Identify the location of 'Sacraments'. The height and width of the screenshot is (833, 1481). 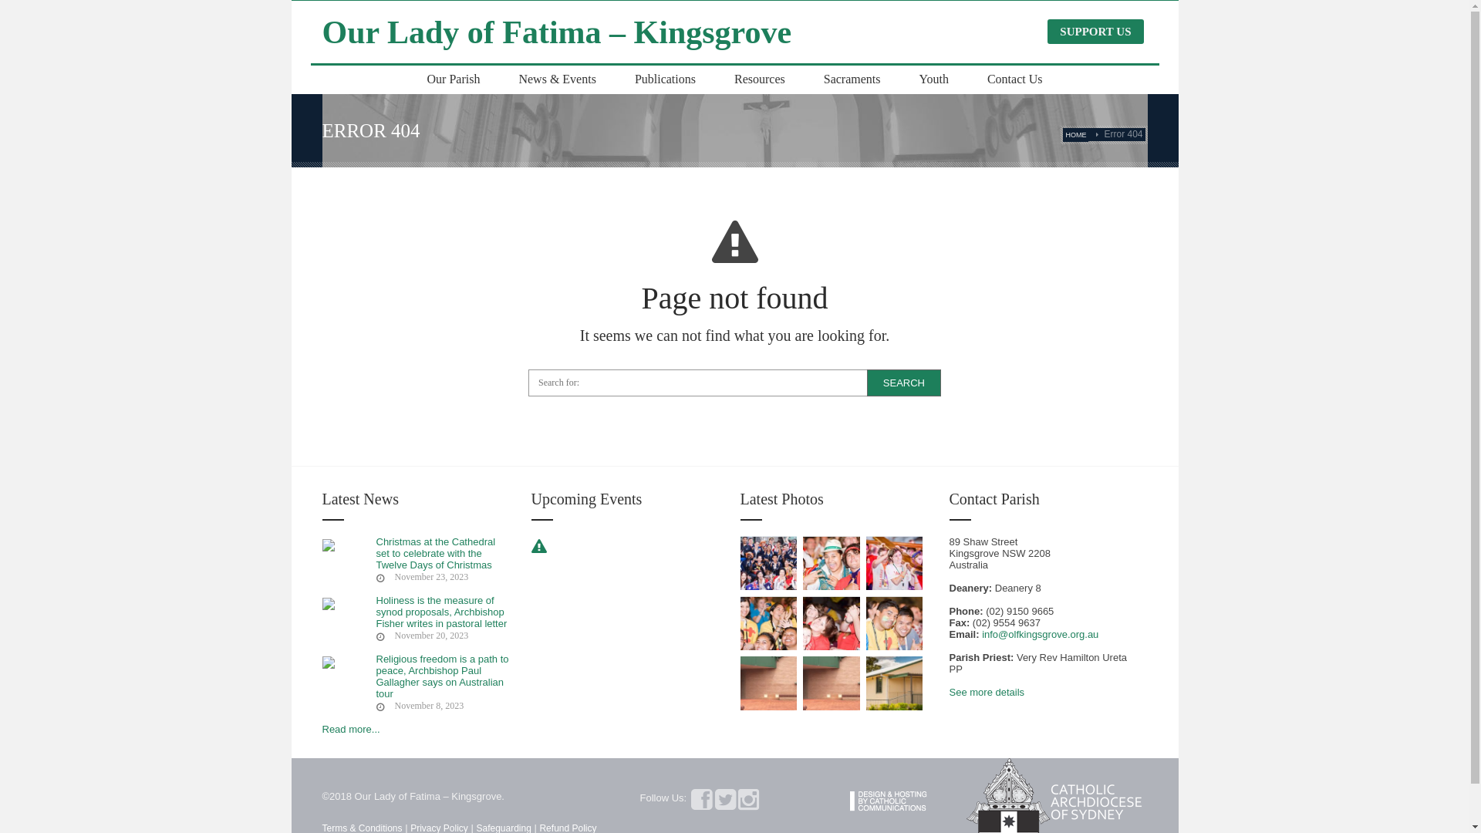
(851, 79).